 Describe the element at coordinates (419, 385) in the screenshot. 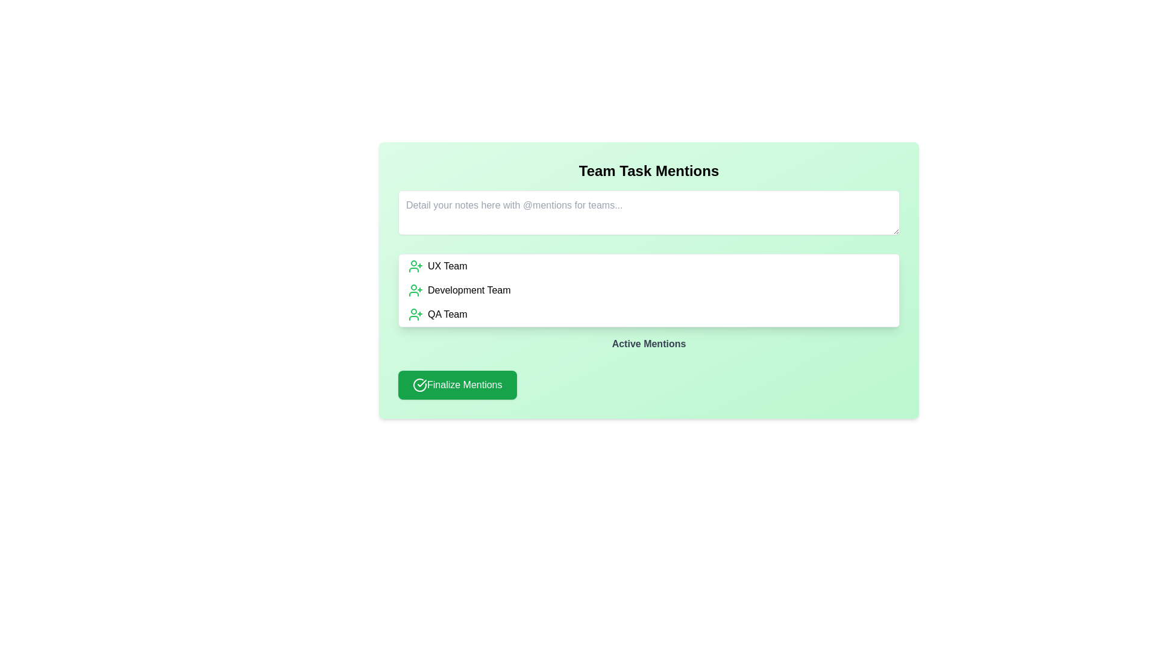

I see `the confirmation icon located to the left of the 'Finalize Mentions' button at the bottom-left corner of the main interface` at that location.